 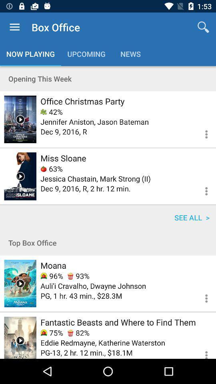 What do you see at coordinates (201, 190) in the screenshot?
I see `get more info` at bounding box center [201, 190].